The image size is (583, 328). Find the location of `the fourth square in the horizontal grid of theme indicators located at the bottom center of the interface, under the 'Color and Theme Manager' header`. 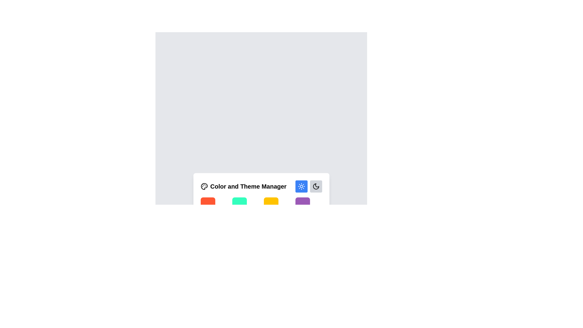

the fourth square in the horizontal grid of theme indicators located at the bottom center of the interface, under the 'Color and Theme Manager' header is located at coordinates (302, 205).